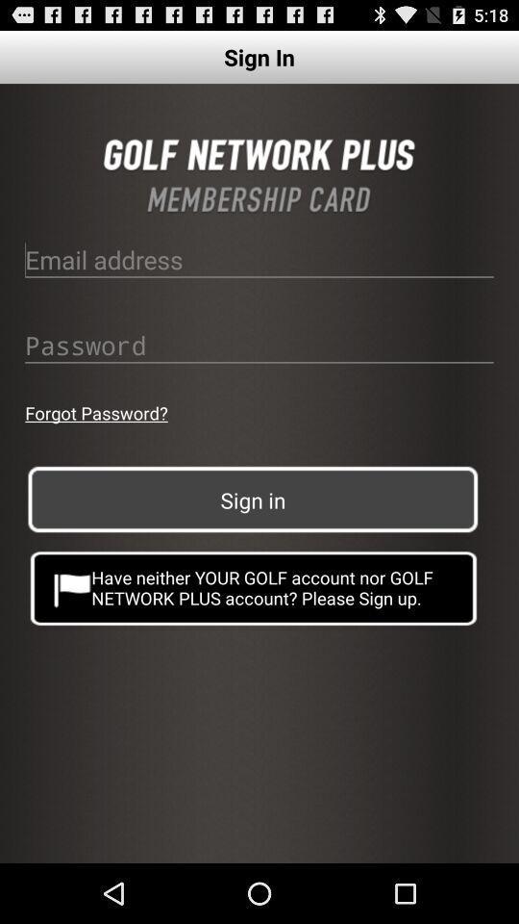 The image size is (519, 924). What do you see at coordinates (254, 586) in the screenshot?
I see `the have neither your icon` at bounding box center [254, 586].